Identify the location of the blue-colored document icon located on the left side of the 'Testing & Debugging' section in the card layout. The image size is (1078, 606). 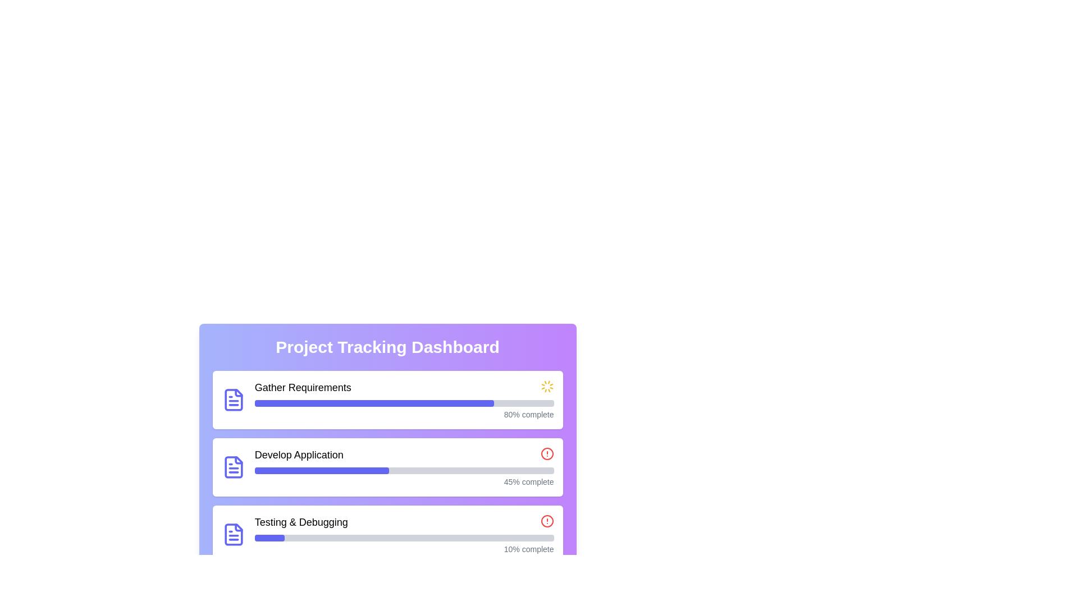
(233, 534).